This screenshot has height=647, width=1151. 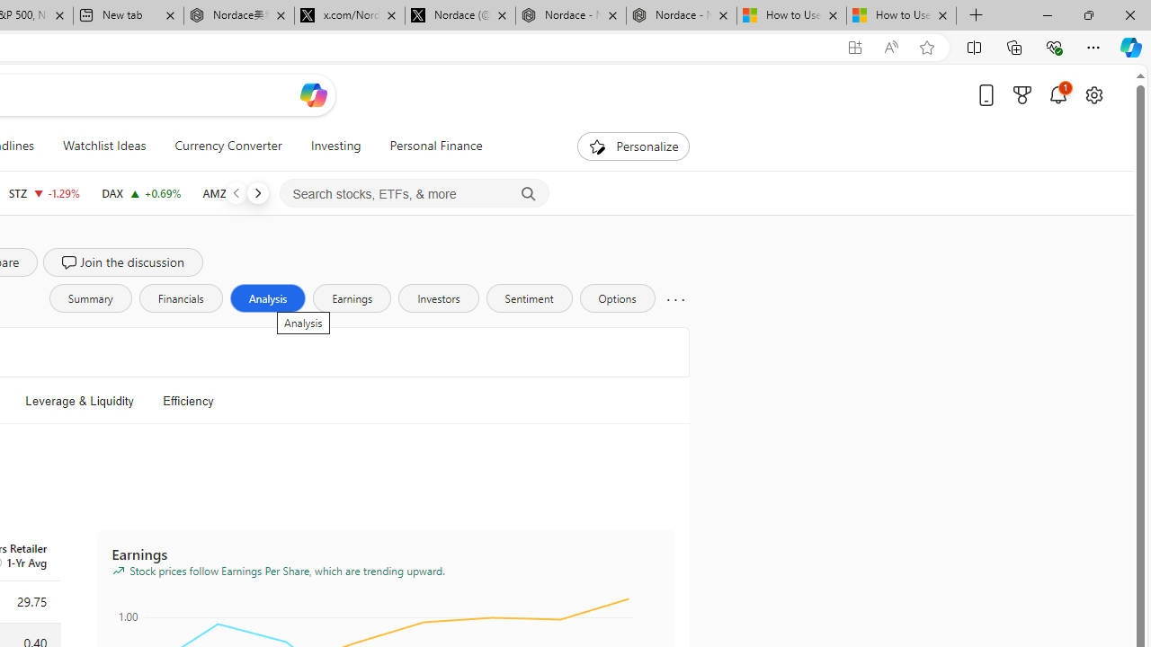 I want to click on 'x.com/NordaceOfficial', so click(x=350, y=15).